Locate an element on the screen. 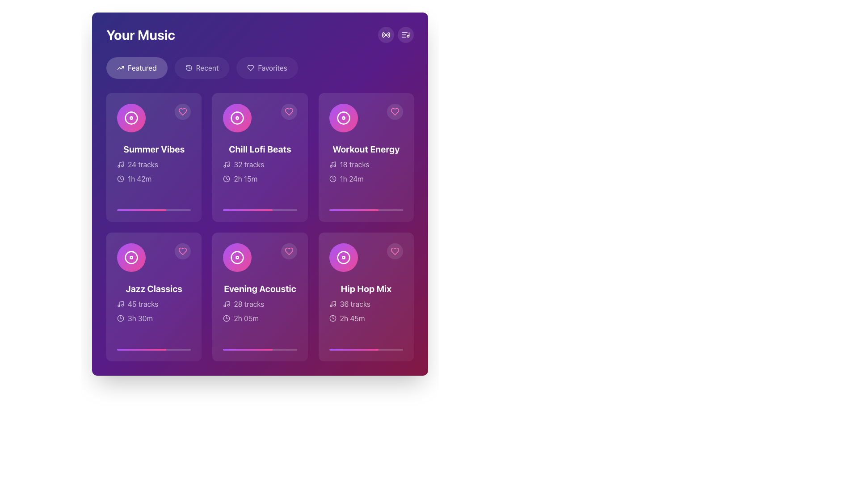 The width and height of the screenshot is (858, 483). the clock icon located in the 'Evening Acoustic' card, which is in the second row and second column of the music grid, adjacent to the text '2h 05m' is located at coordinates (227, 318).